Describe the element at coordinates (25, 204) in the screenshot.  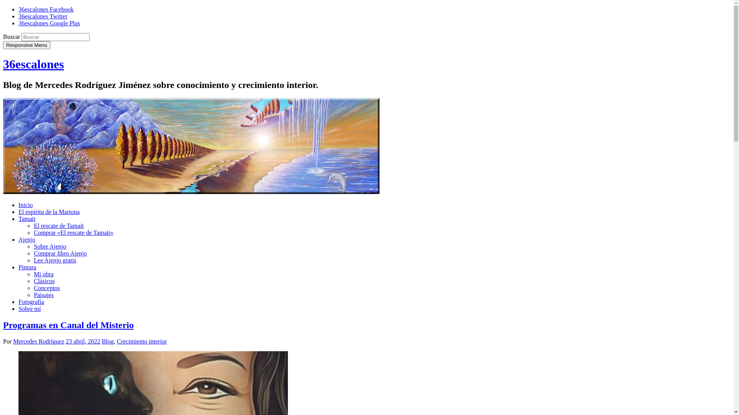
I see `'Inicio'` at that location.